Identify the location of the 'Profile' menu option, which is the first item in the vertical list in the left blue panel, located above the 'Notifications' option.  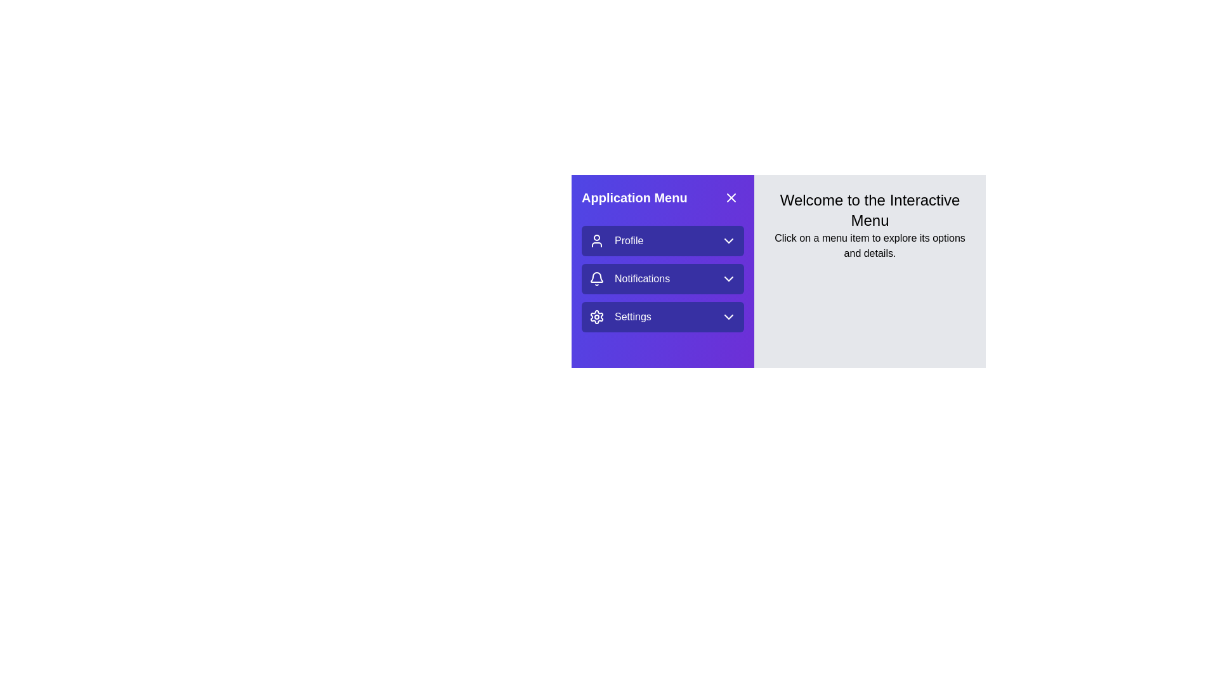
(662, 241).